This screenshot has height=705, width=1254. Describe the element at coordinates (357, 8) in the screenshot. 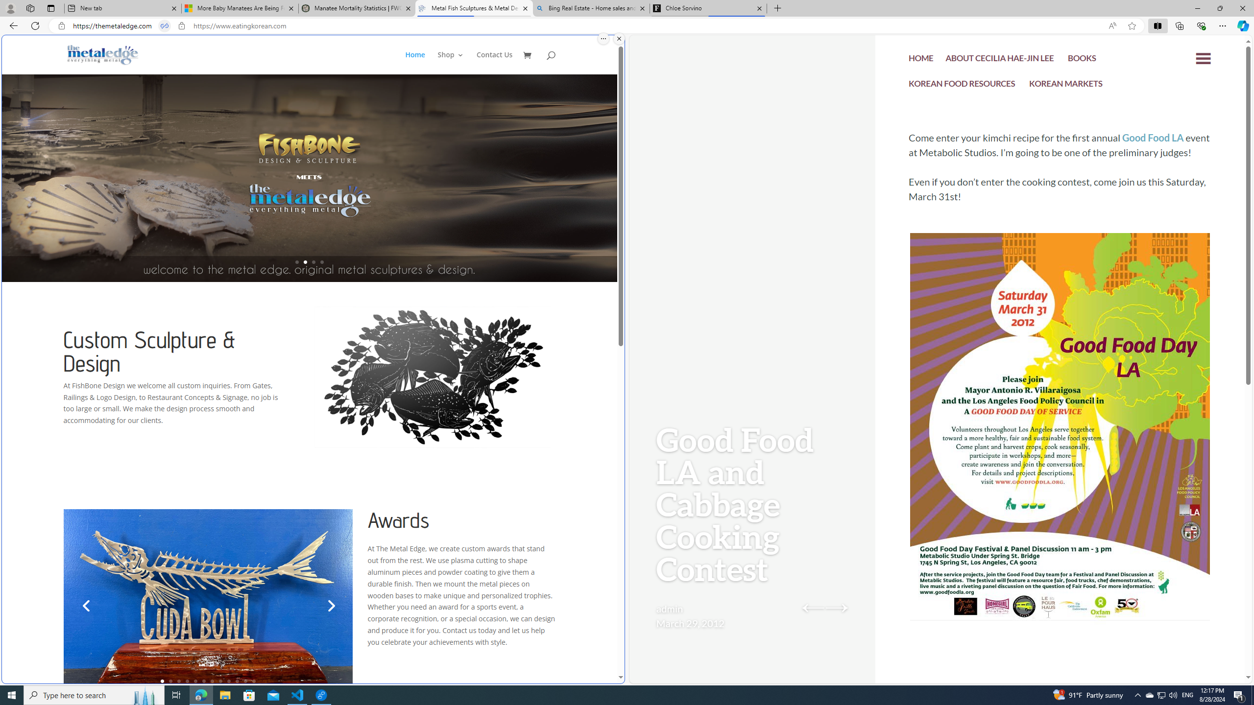

I see `'Manatee Mortality Statistics | FWC'` at that location.